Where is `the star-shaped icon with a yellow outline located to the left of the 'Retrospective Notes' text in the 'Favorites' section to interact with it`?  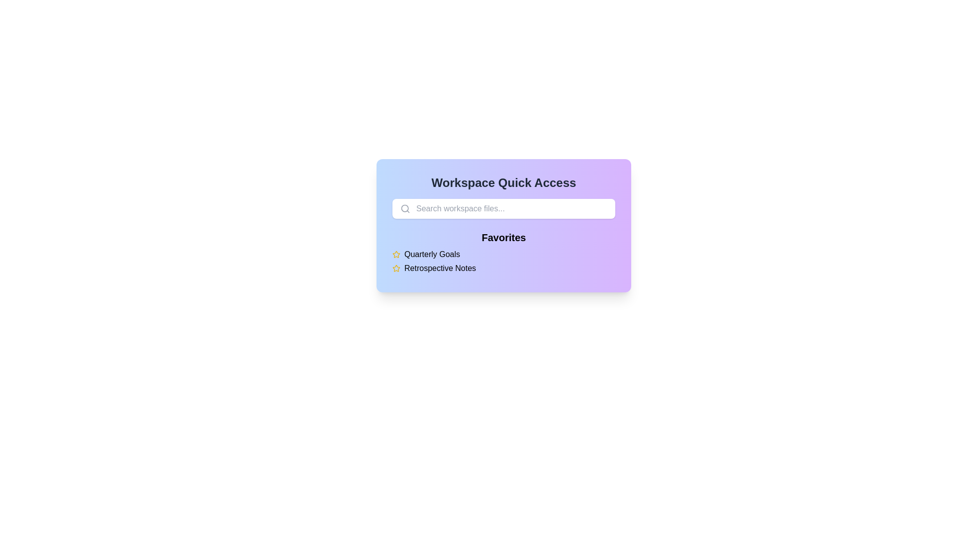
the star-shaped icon with a yellow outline located to the left of the 'Retrospective Notes' text in the 'Favorites' section to interact with it is located at coordinates (395, 268).